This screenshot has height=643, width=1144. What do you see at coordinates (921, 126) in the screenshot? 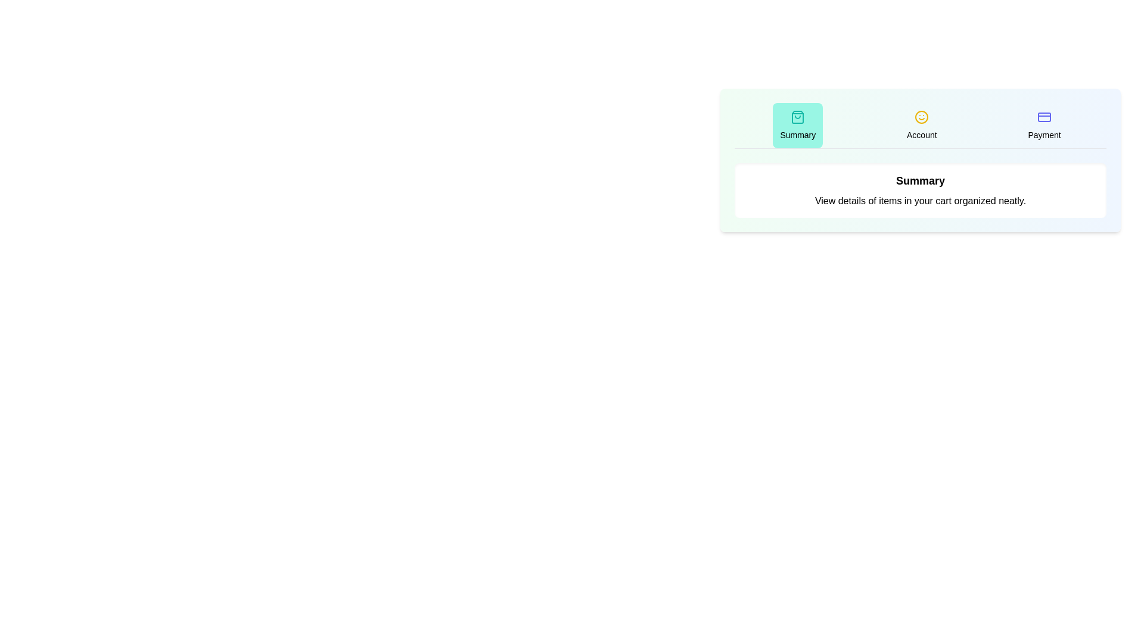
I see `the Account tab to switch to it` at bounding box center [921, 126].